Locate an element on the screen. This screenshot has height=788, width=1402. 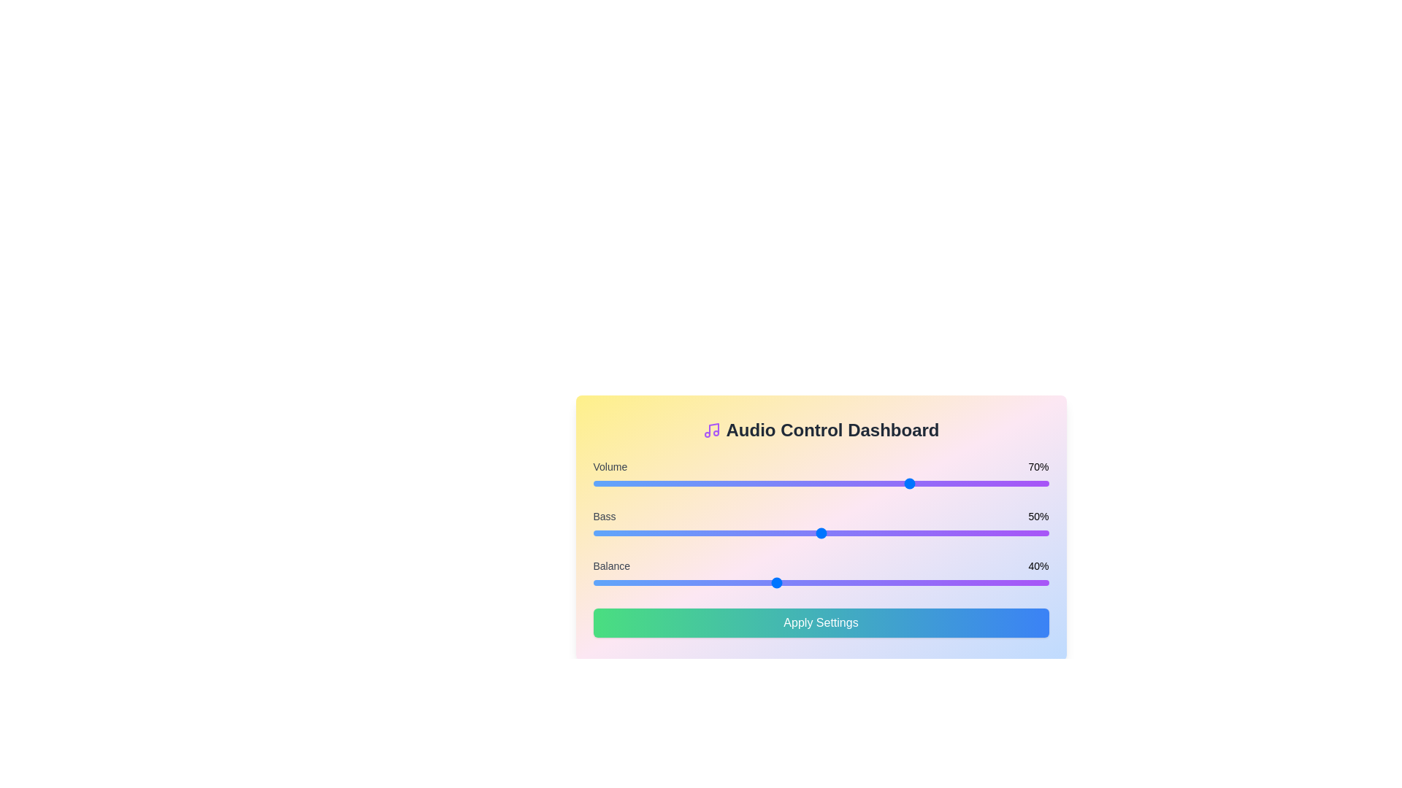
balance is located at coordinates (993, 582).